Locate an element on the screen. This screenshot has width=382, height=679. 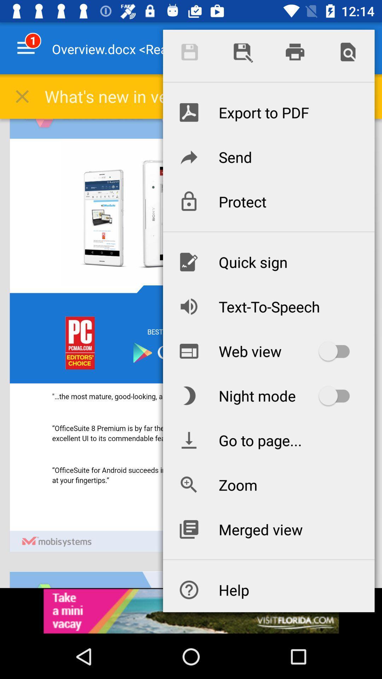
the go to page... item is located at coordinates (268, 440).